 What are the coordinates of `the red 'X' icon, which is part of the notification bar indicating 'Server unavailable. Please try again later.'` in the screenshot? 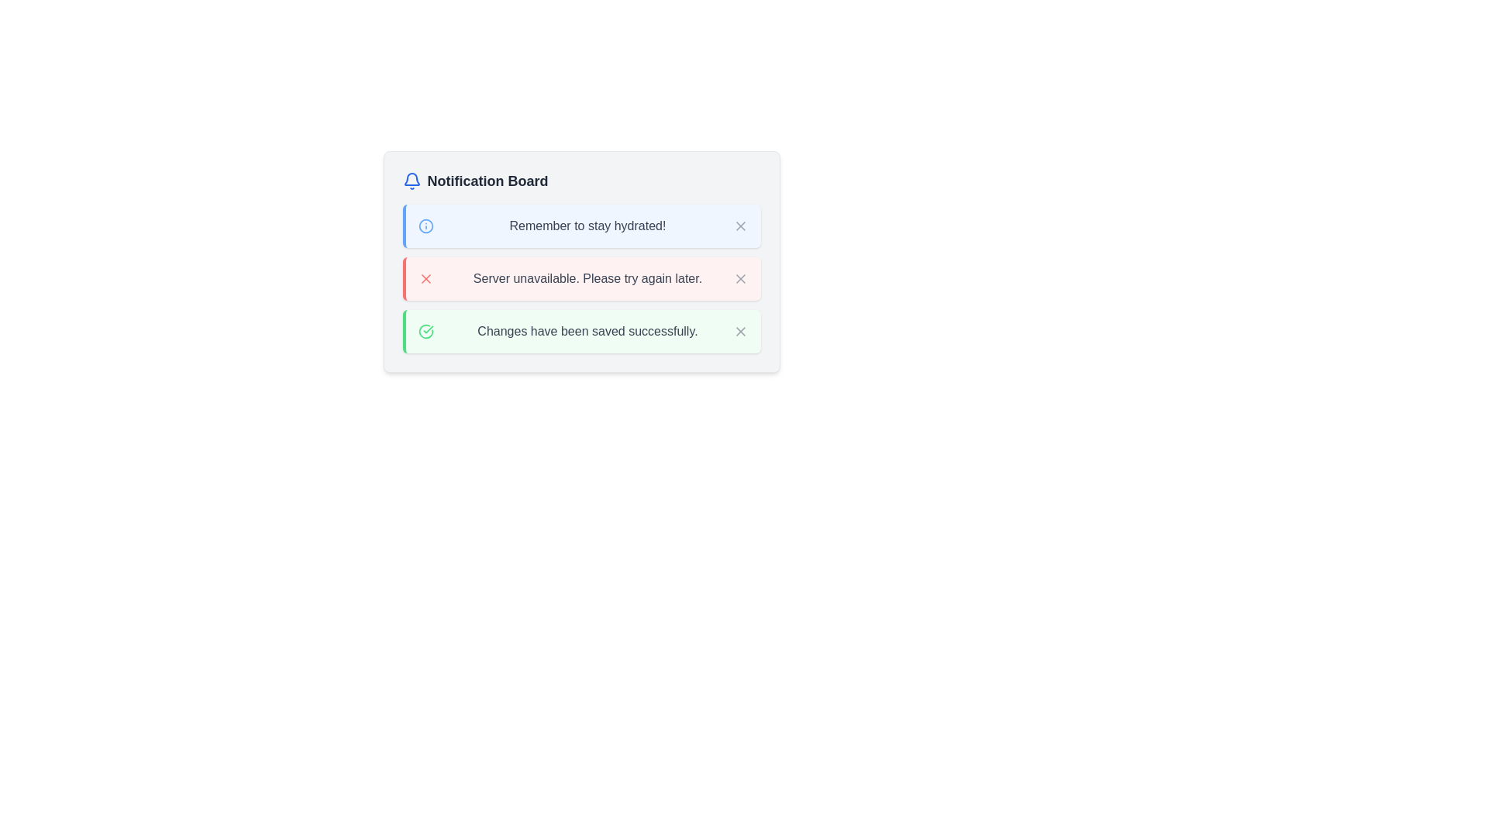 It's located at (739, 277).